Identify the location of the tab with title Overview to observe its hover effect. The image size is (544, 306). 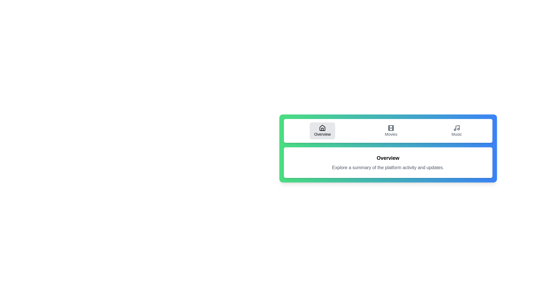
(322, 131).